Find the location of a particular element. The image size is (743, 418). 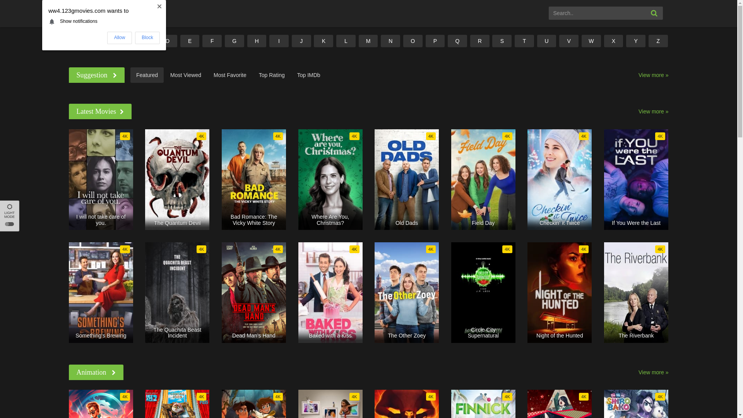

'J' is located at coordinates (301, 41).